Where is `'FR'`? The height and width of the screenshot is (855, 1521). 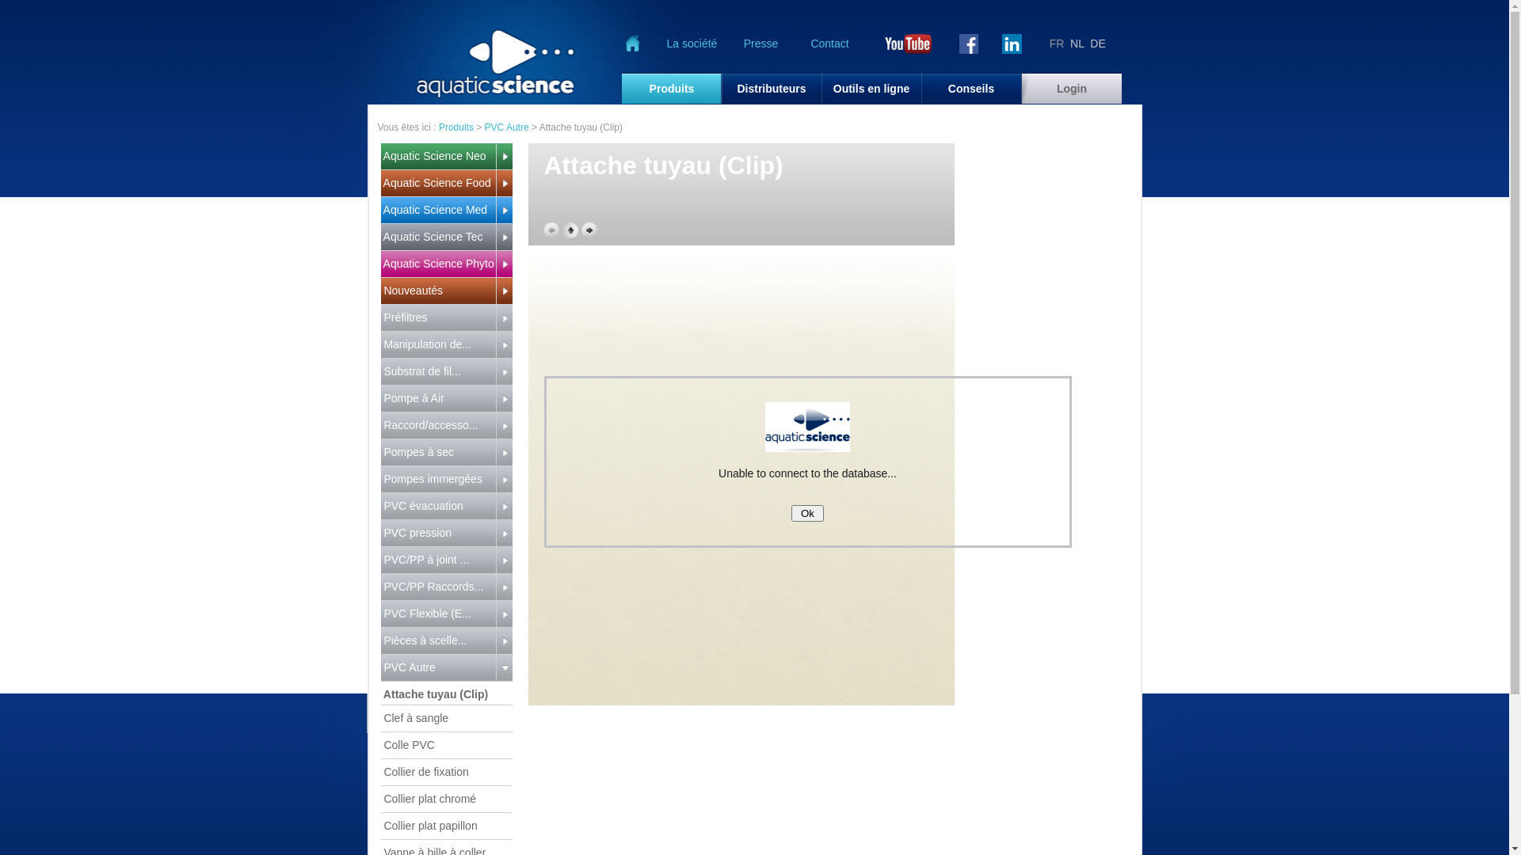 'FR' is located at coordinates (1057, 42).